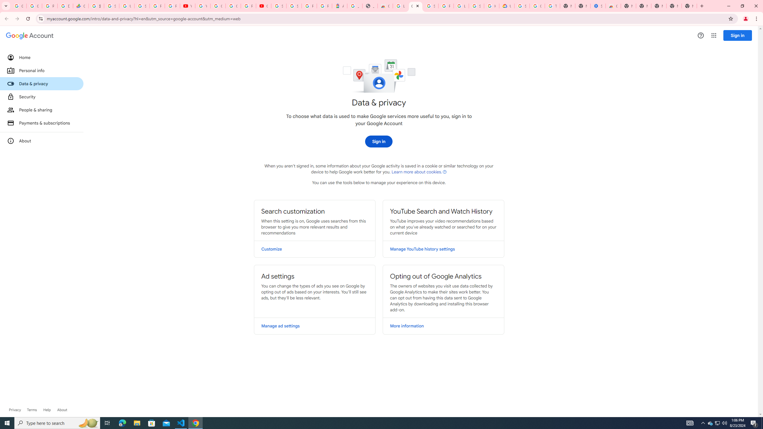 The height and width of the screenshot is (429, 763). I want to click on 'Google Workspace Admin Community', so click(18, 6).